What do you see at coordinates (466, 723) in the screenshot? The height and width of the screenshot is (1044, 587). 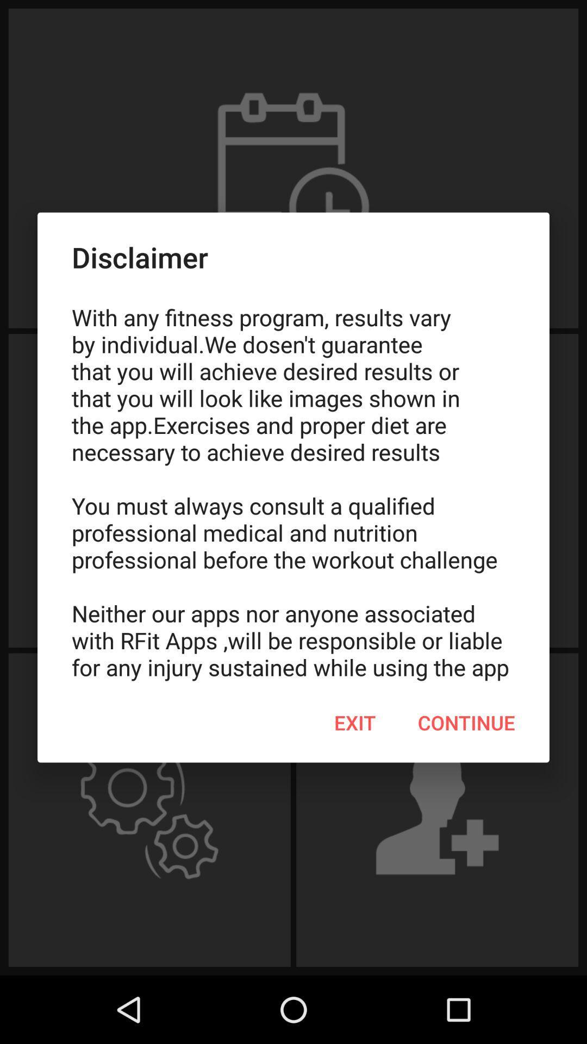 I see `continue` at bounding box center [466, 723].